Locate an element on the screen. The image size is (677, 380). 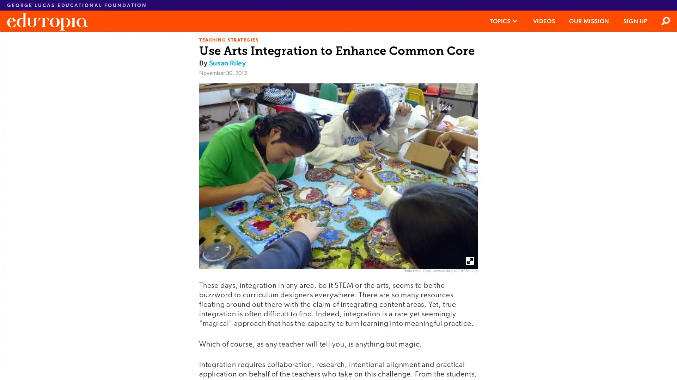
Log in is located at coordinates (333, 211).